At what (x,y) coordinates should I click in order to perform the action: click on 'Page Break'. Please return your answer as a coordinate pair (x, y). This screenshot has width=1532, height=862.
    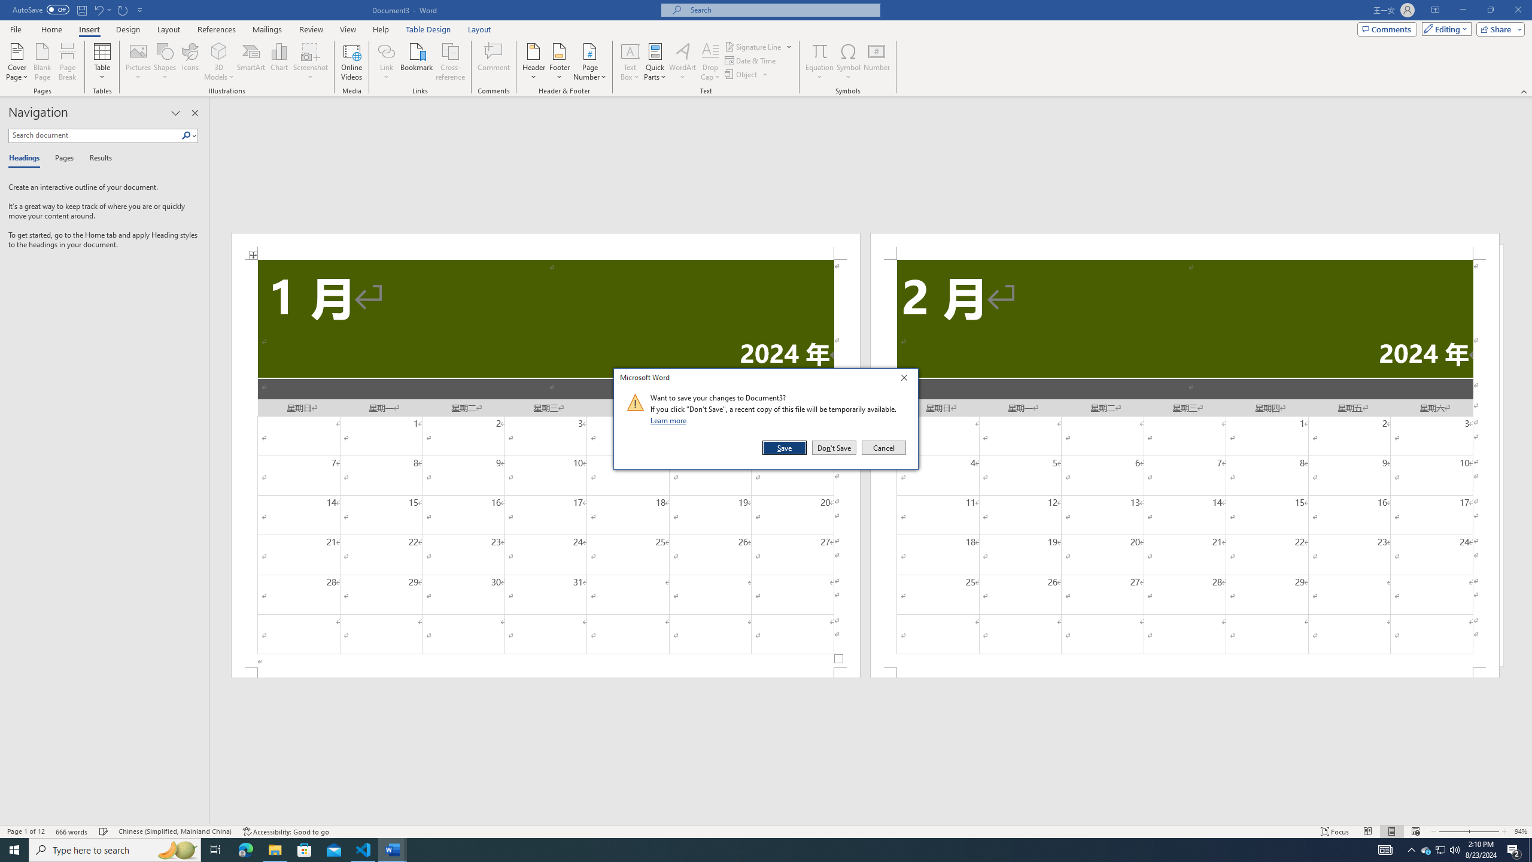
    Looking at the image, I should click on (66, 62).